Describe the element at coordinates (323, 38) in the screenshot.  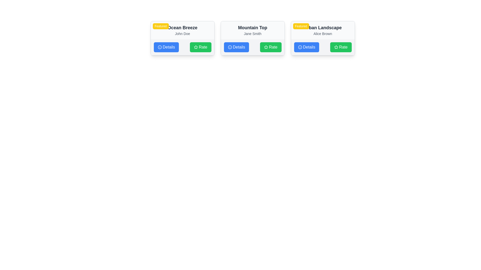
I see `the 'Rate' button on the 'Urban Landscape' interactive card, which is styled in light gray with a yellow badge and contains the title in bold` at that location.